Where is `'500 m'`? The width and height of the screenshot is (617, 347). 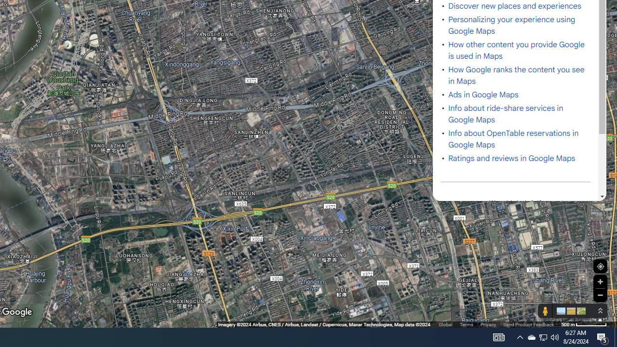 '500 m' is located at coordinates (583, 324).